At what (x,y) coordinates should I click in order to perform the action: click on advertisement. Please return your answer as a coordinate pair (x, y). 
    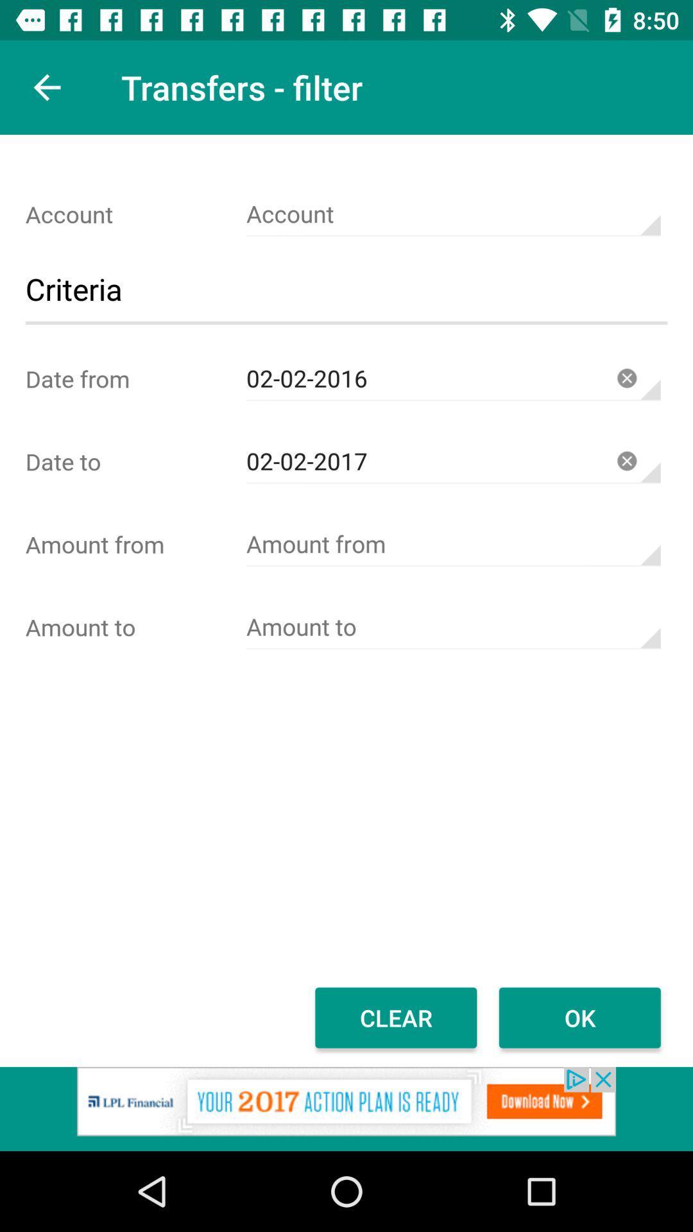
    Looking at the image, I should click on (346, 1108).